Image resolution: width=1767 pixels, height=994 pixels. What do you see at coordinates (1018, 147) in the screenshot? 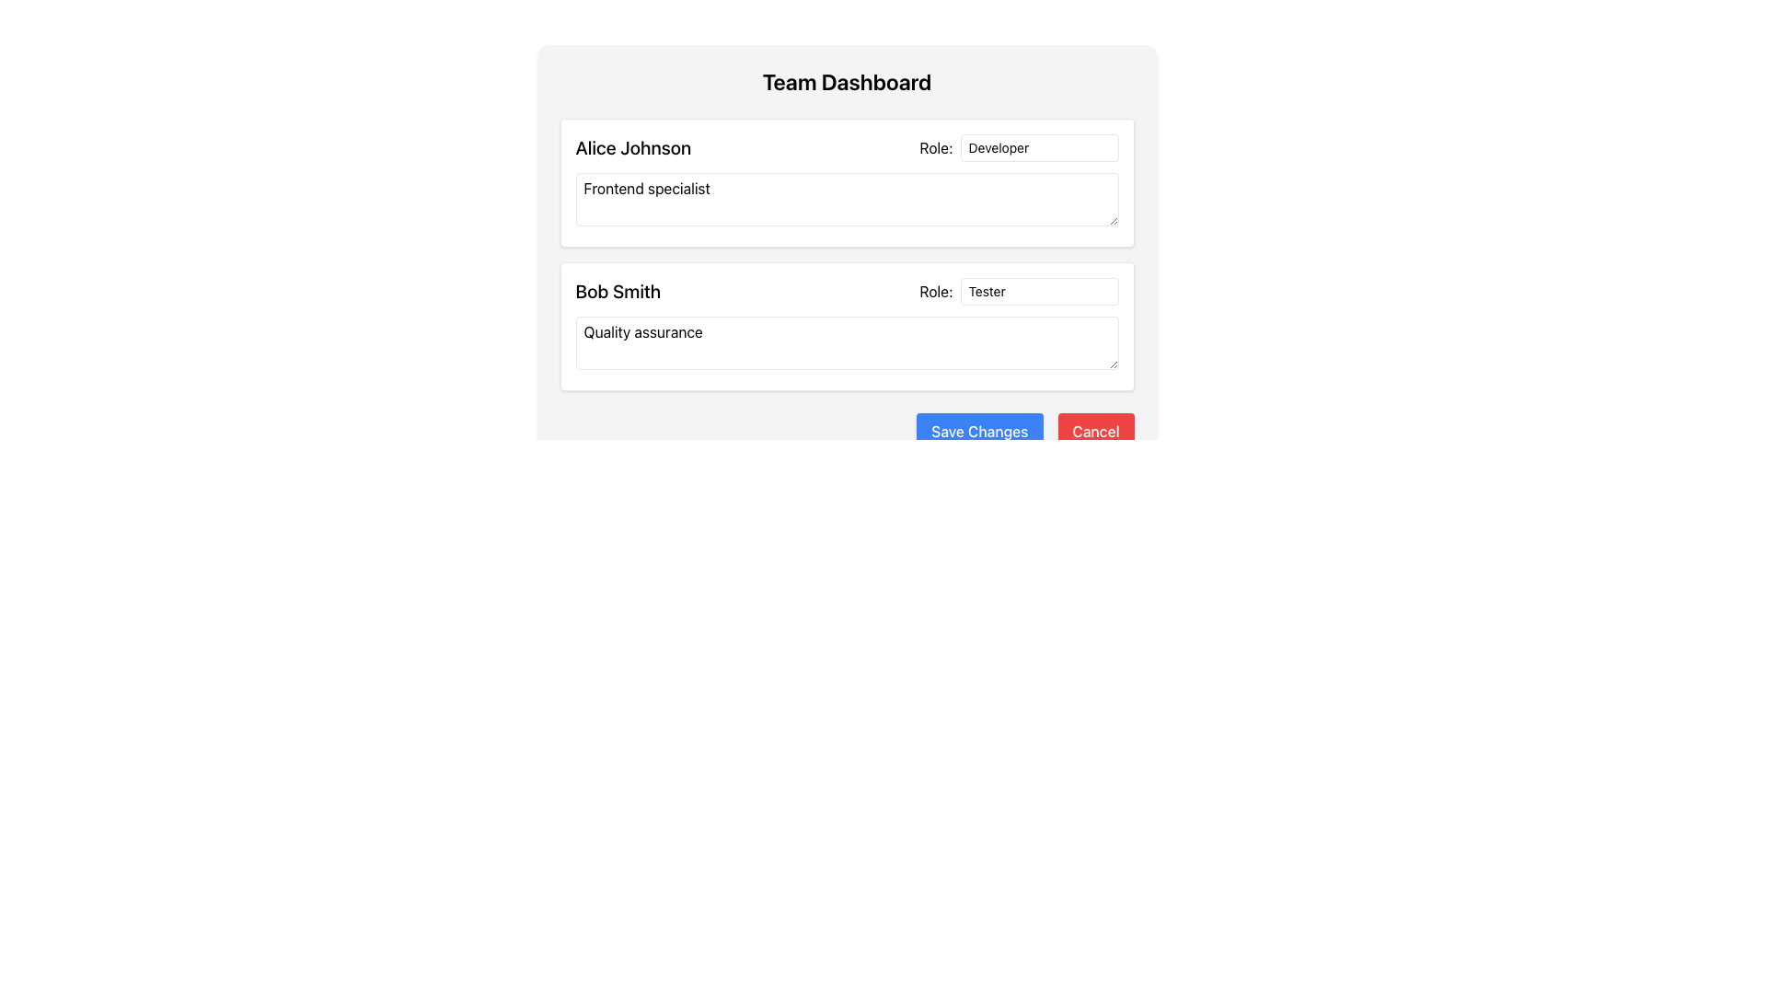
I see `the labeled input field for 'Role:' which contains the text box displaying 'Developer'` at bounding box center [1018, 147].